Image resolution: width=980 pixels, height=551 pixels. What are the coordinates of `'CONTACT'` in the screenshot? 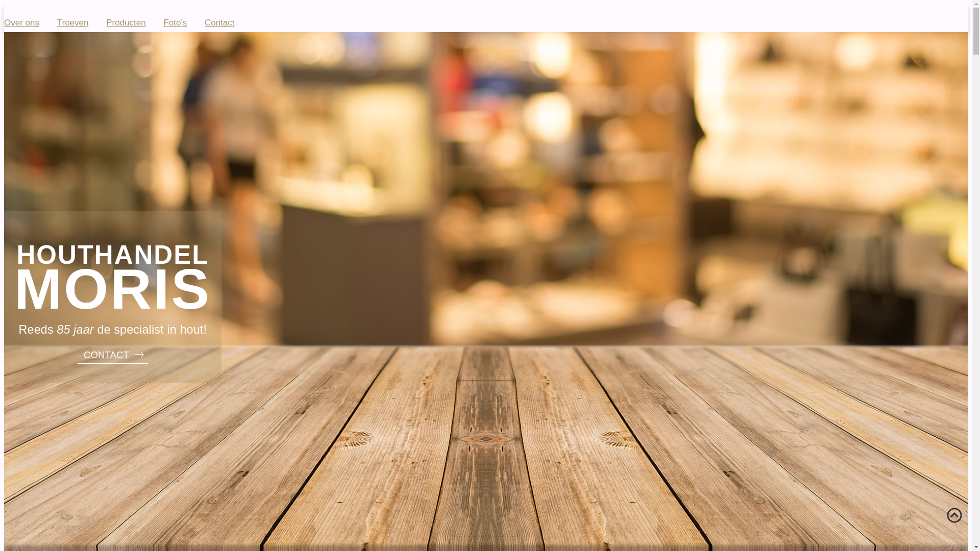 It's located at (112, 354).